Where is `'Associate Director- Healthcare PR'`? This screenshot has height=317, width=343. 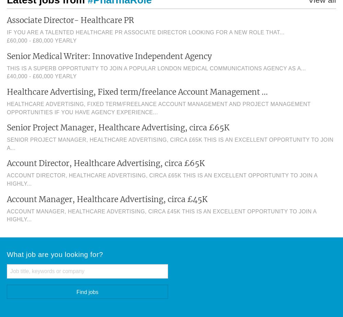 'Associate Director- Healthcare PR' is located at coordinates (7, 20).